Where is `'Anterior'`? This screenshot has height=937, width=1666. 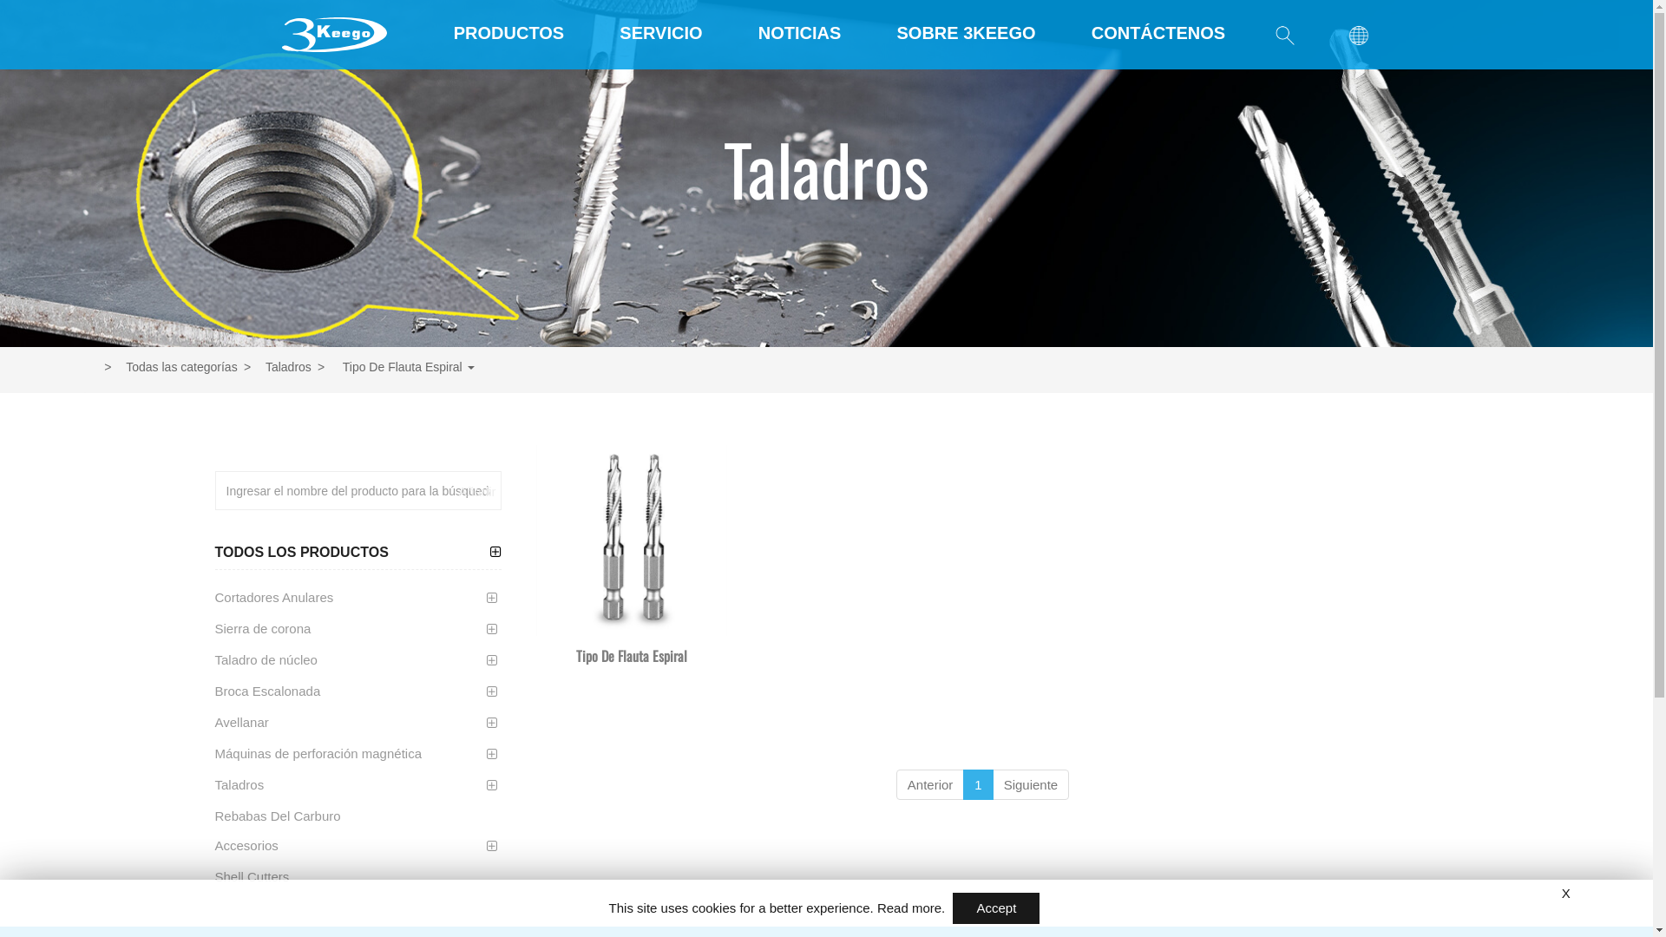
'Anterior' is located at coordinates (929, 784).